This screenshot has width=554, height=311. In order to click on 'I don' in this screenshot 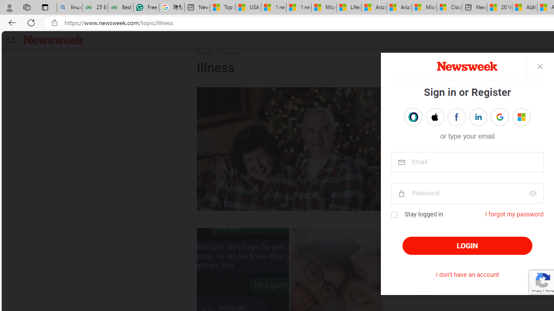, I will do `click(467, 275)`.